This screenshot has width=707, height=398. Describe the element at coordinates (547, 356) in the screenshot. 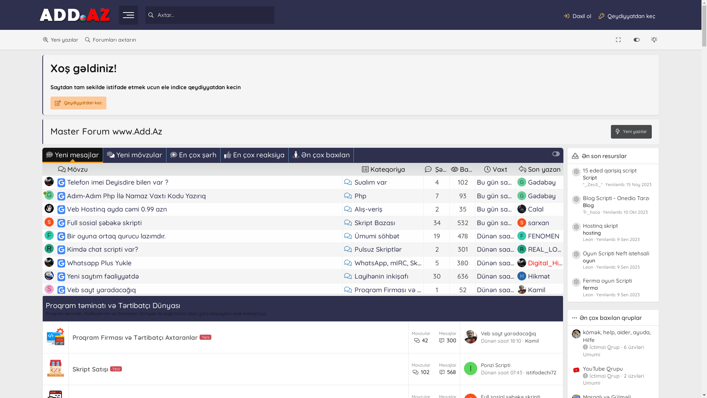

I see `'istifadechi72'` at that location.